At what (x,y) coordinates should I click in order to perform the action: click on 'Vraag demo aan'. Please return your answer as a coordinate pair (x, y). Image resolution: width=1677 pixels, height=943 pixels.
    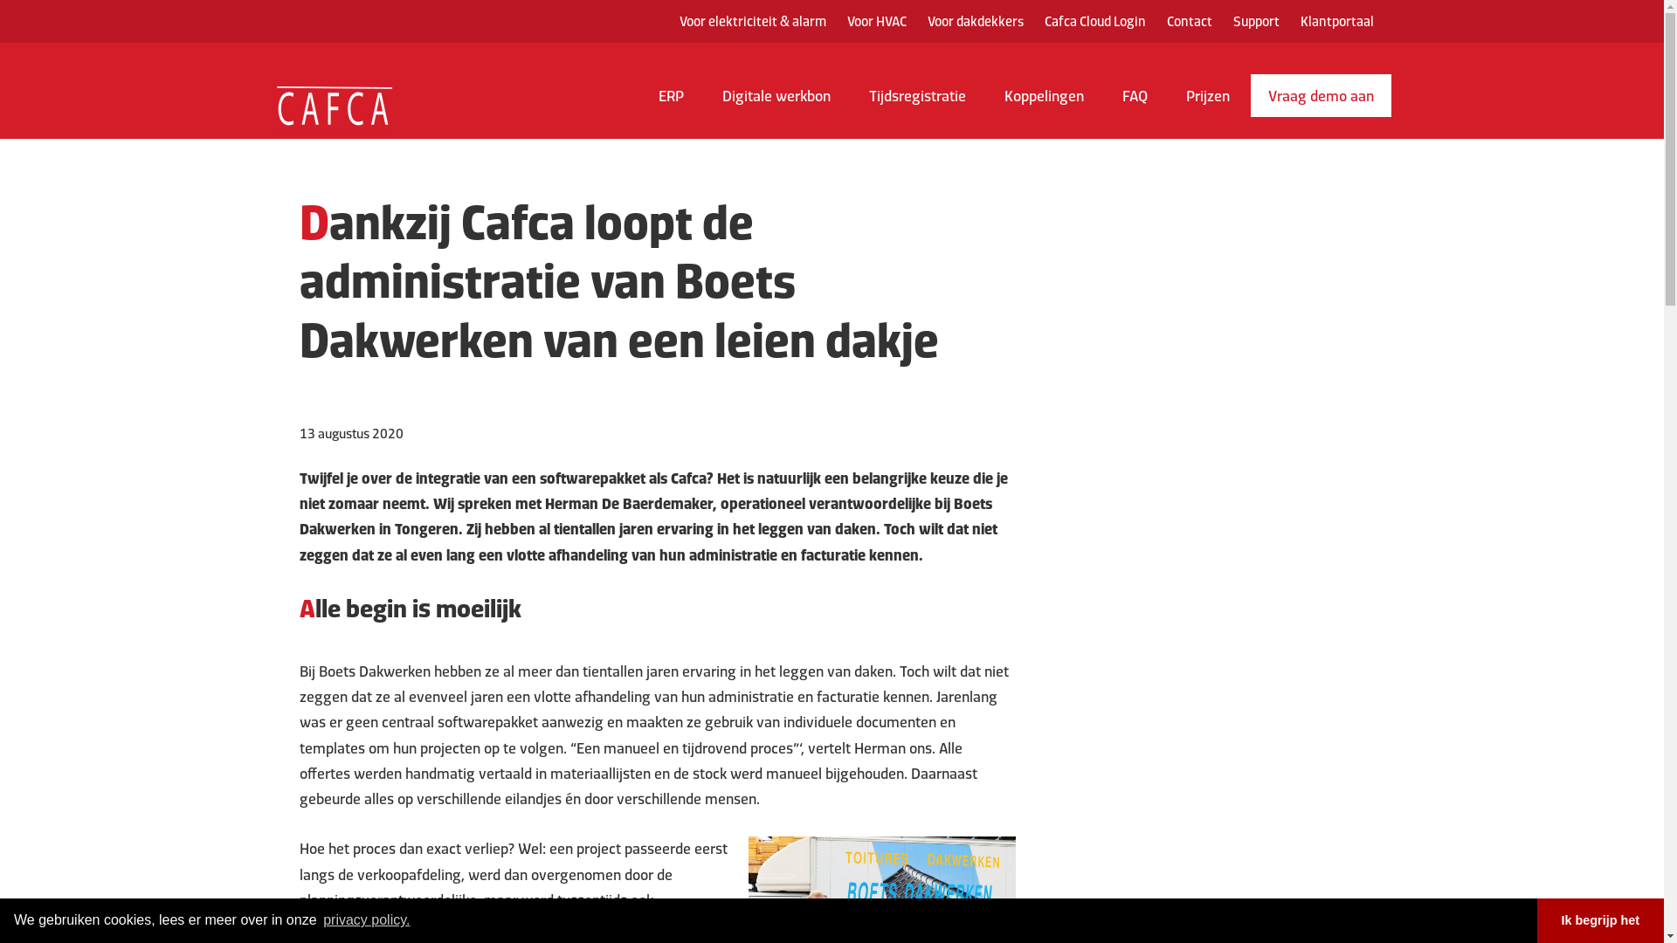
    Looking at the image, I should click on (1321, 95).